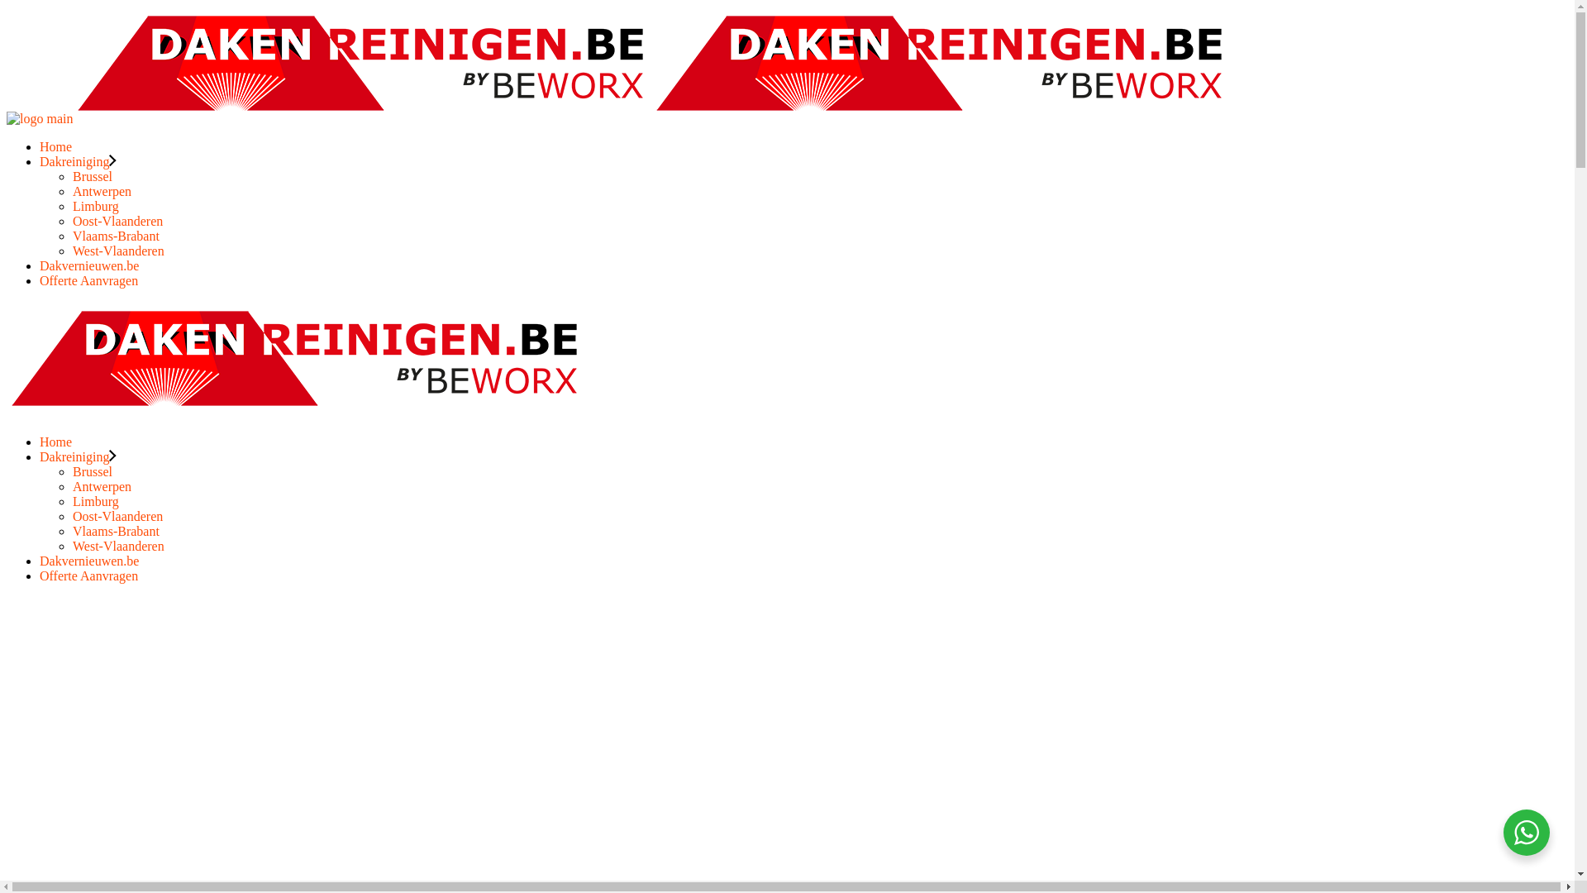 Image resolution: width=1587 pixels, height=893 pixels. What do you see at coordinates (71, 546) in the screenshot?
I see `'West-Vlaanderen'` at bounding box center [71, 546].